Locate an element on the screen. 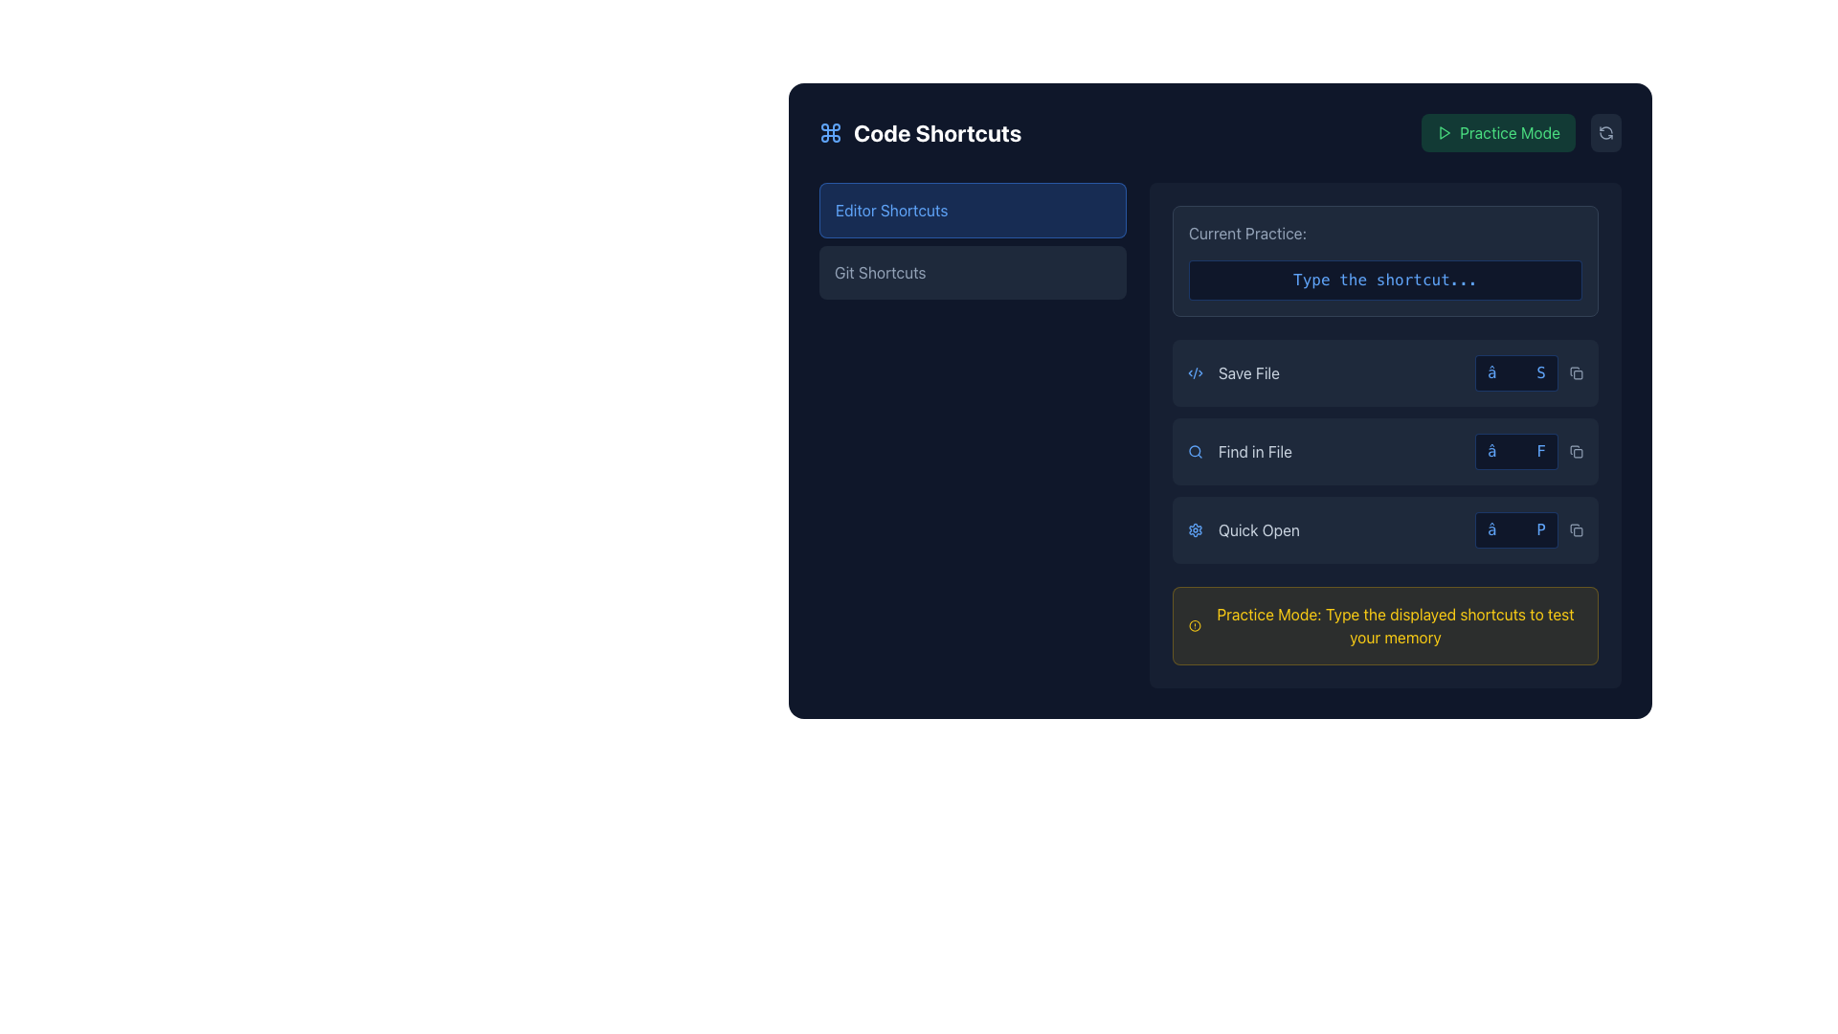 Image resolution: width=1838 pixels, height=1034 pixels. the interactive button labeled 'Practice Mode' with a green play icon for navigation purposes is located at coordinates (1497, 131).